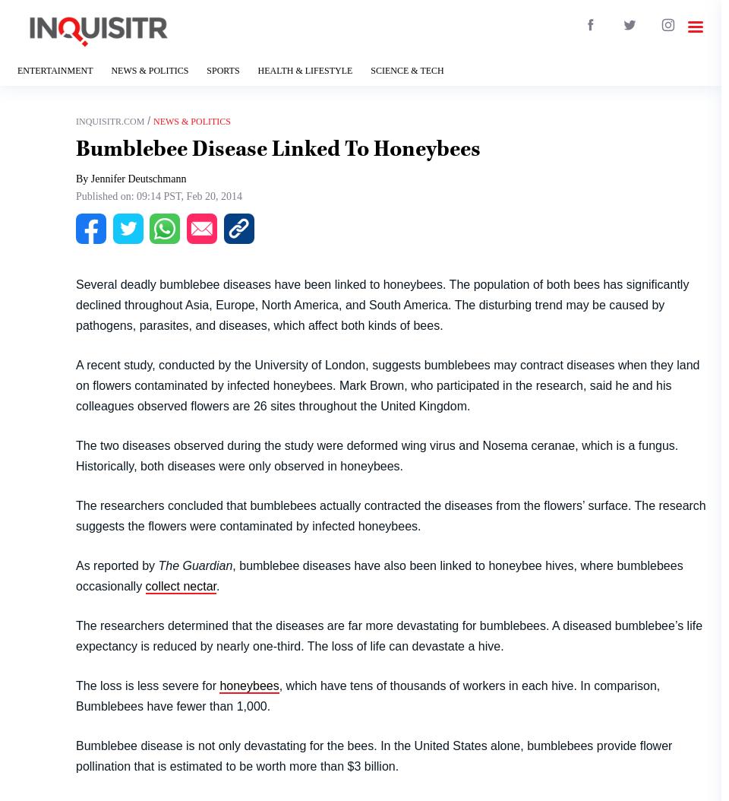  I want to click on 'collect nectar', so click(180, 585).